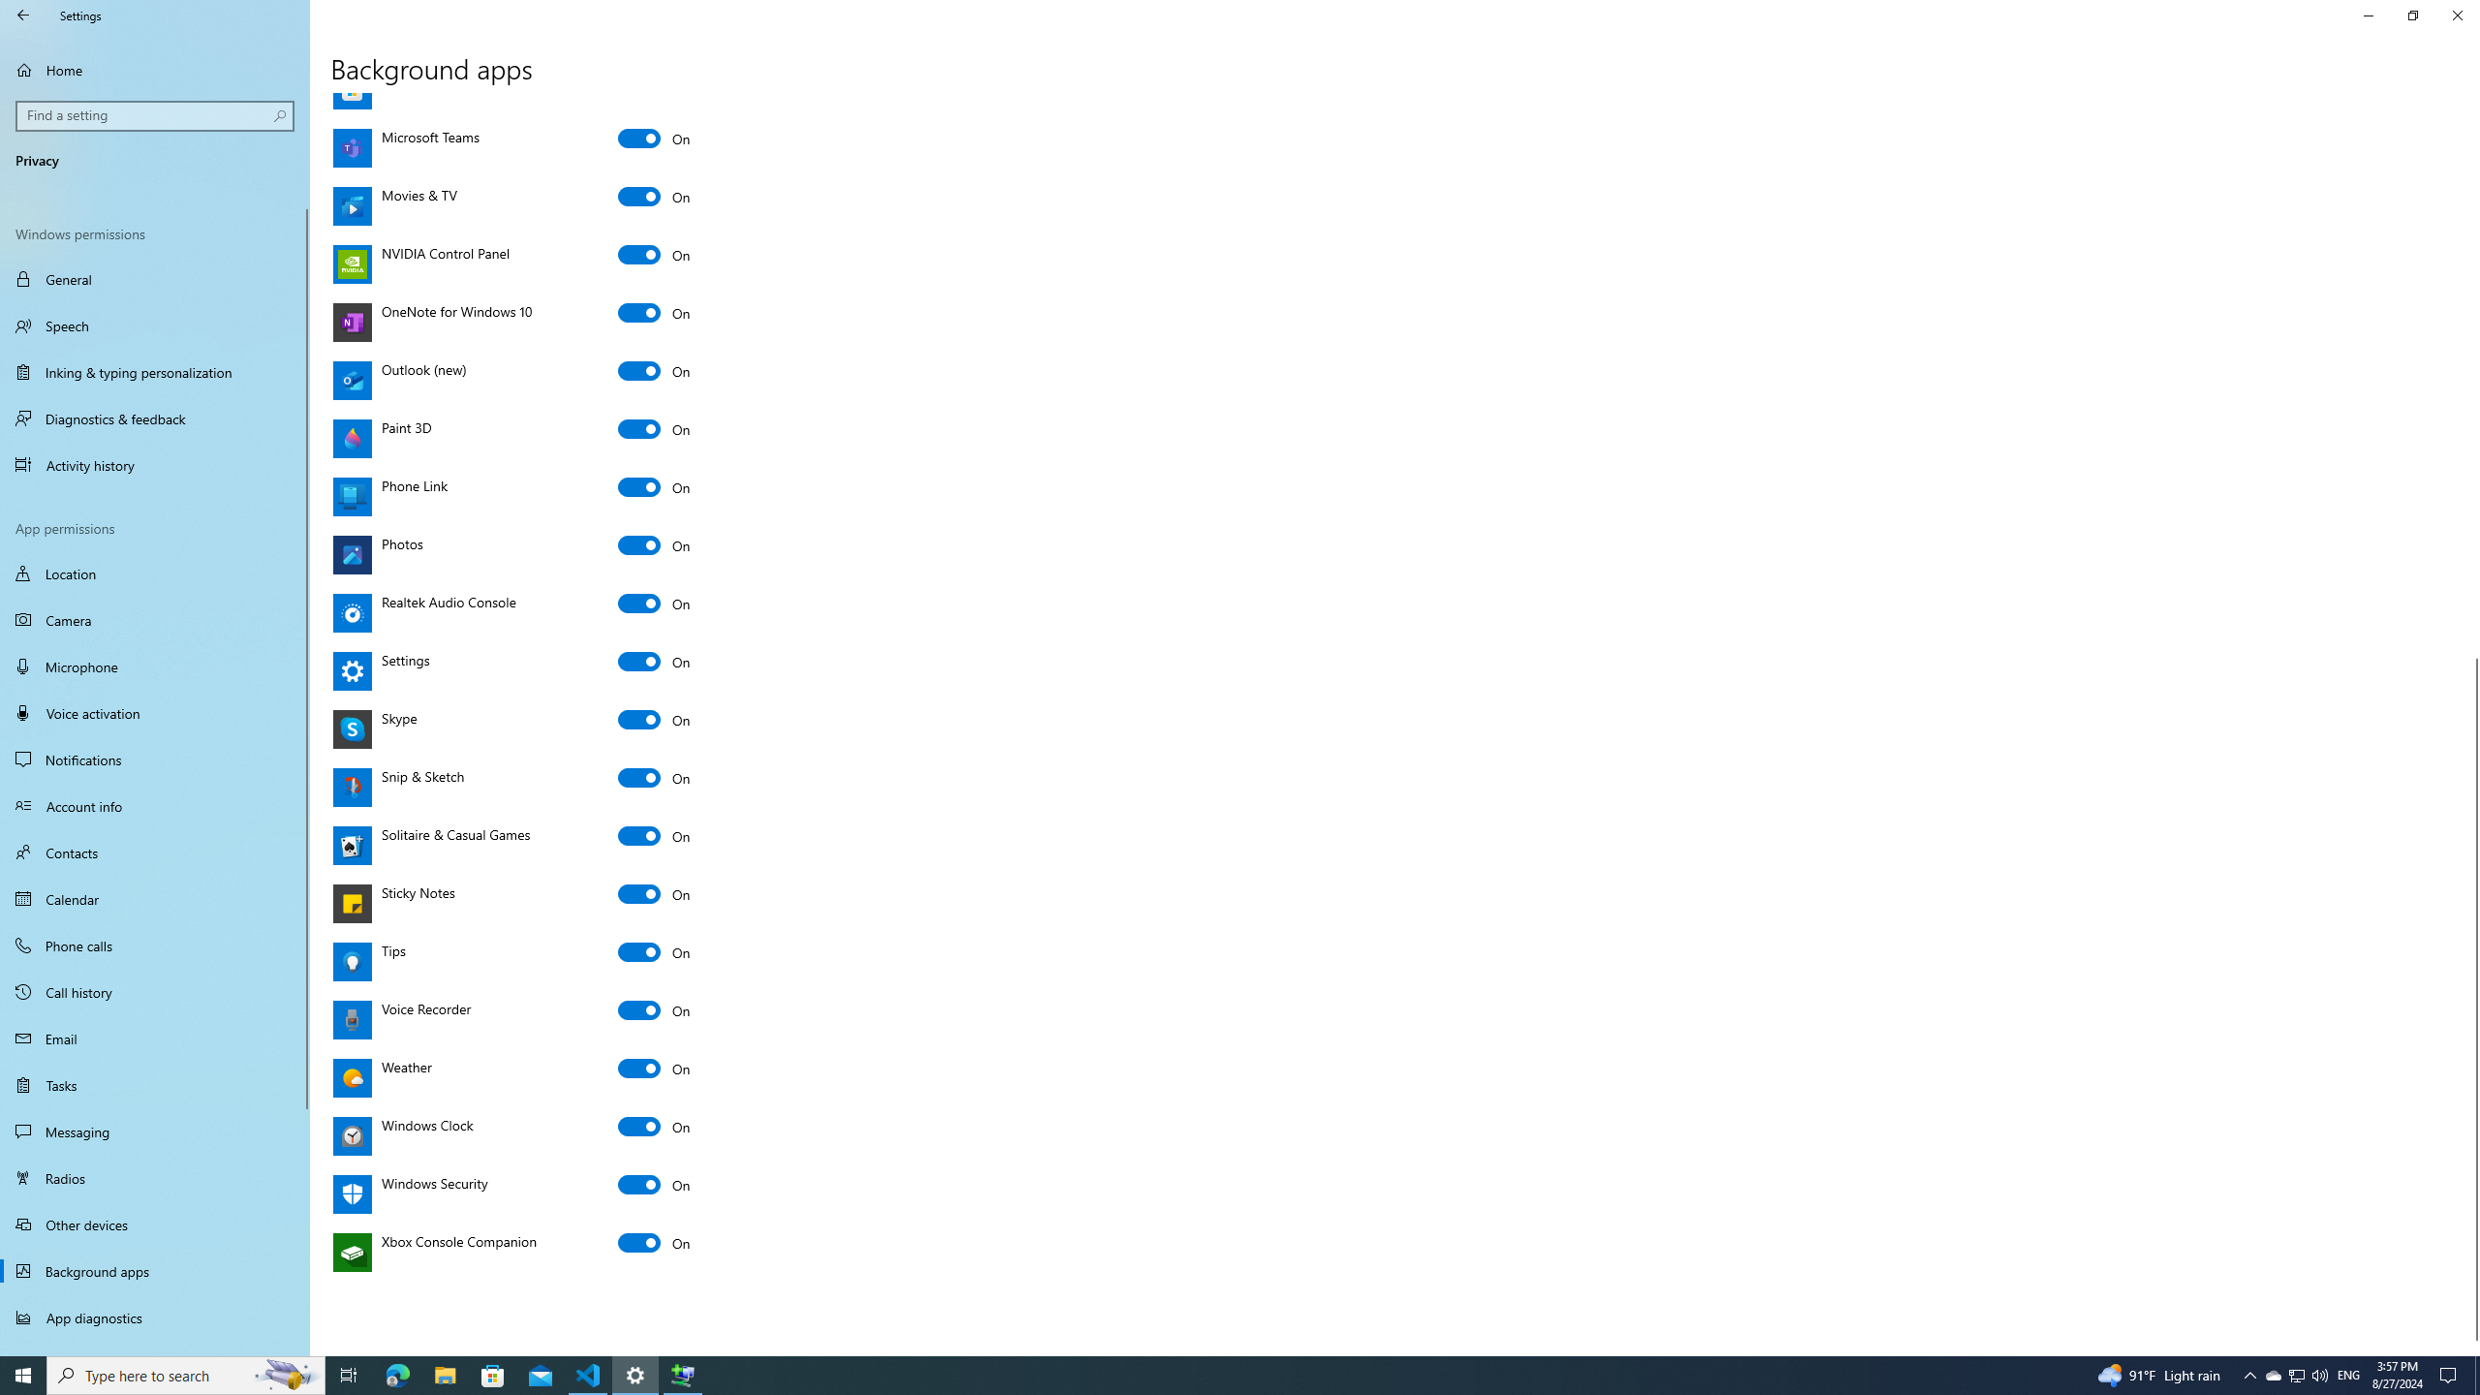 This screenshot has height=1395, width=2480. Describe the element at coordinates (23, 1374) in the screenshot. I see `'Start'` at that location.